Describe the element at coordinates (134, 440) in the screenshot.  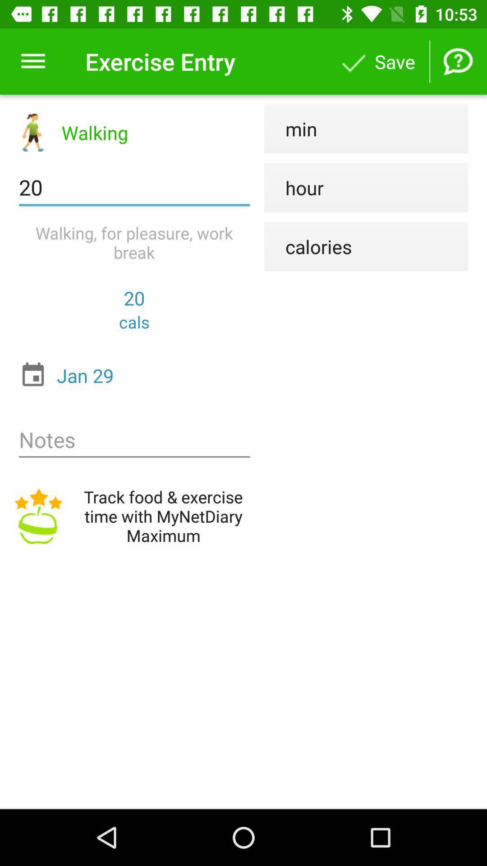
I see `write notes` at that location.